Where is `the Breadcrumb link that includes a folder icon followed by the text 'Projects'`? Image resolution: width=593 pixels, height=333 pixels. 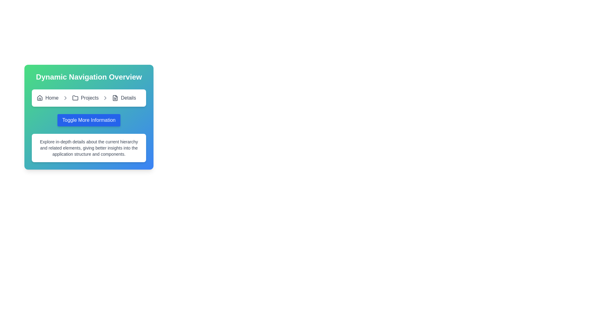 the Breadcrumb link that includes a folder icon followed by the text 'Projects' is located at coordinates (85, 97).